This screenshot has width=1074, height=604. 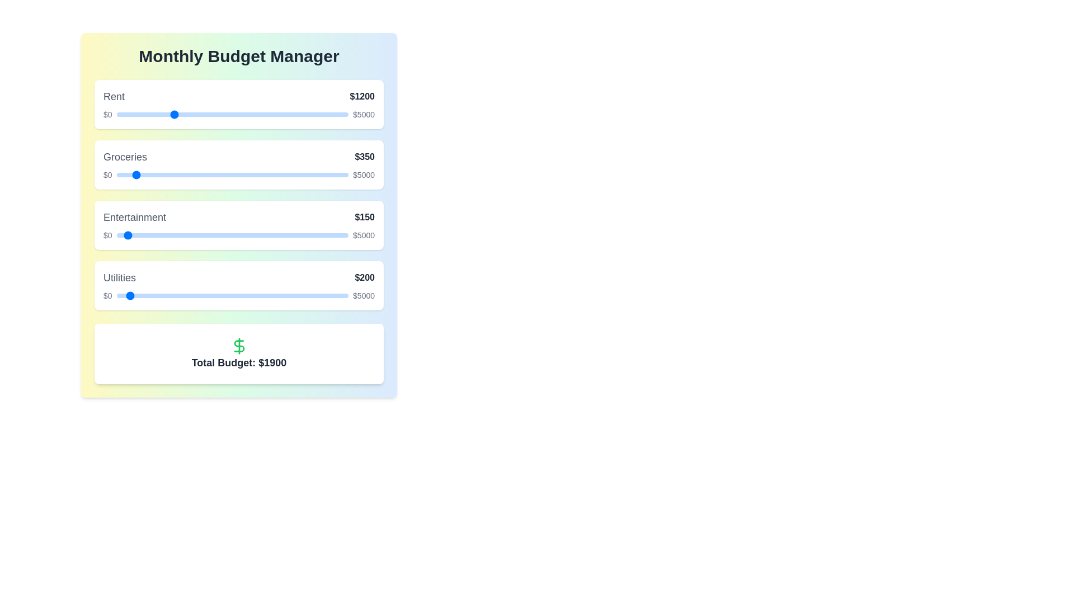 I want to click on the text label that reads 'Utilities' which is styled with a medium-sized font and gray color, located in the fourth section from the top of the vertical budget items list, so click(x=120, y=277).